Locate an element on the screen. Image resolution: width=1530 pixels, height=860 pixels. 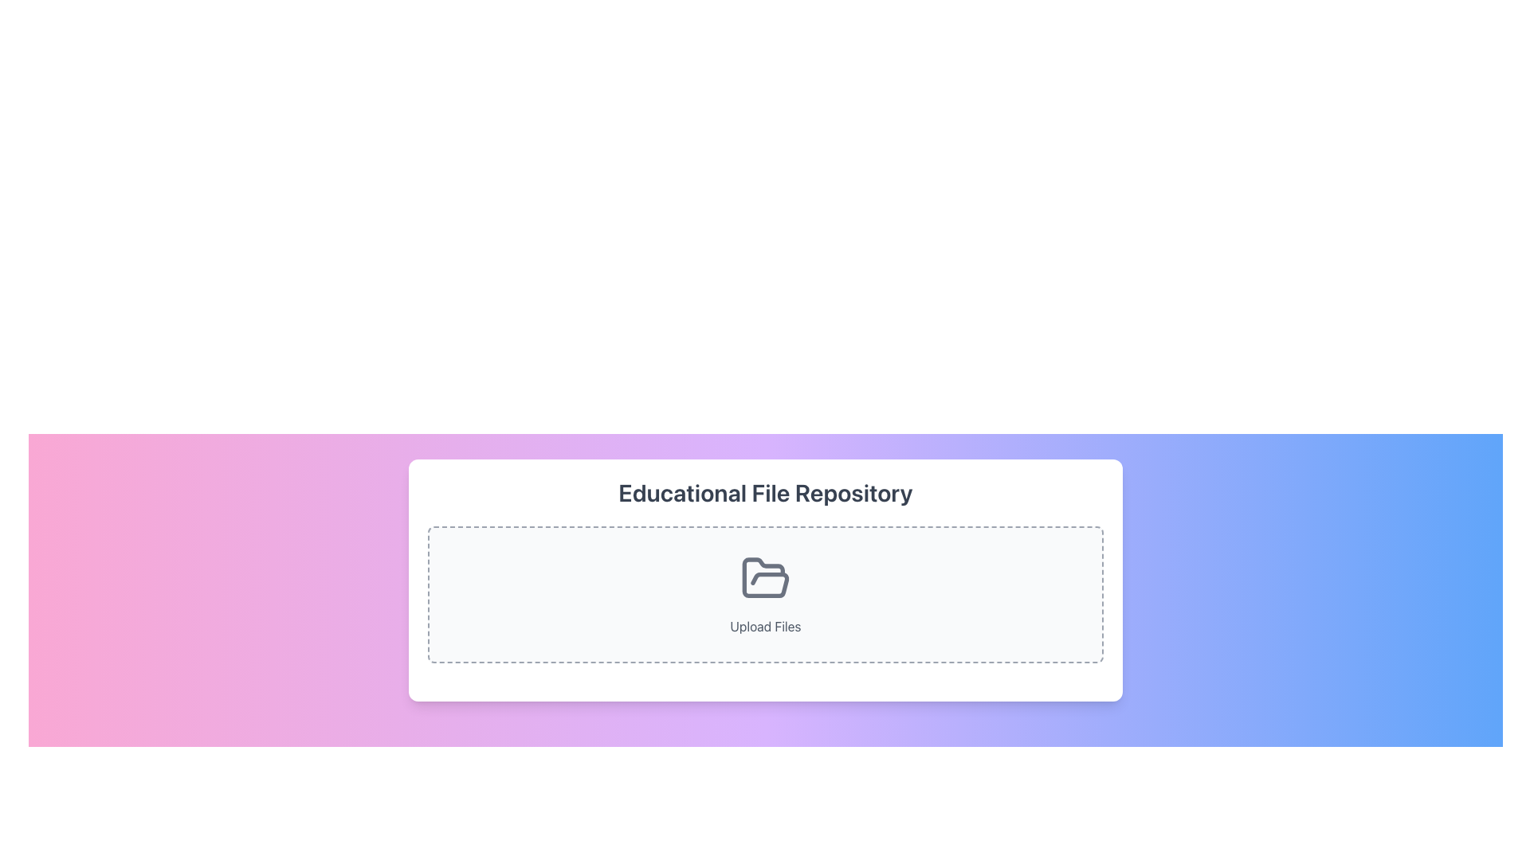
the folder icon (SVG Graphic) that represents the upload functionality in the Educational File Repository section is located at coordinates (765, 577).